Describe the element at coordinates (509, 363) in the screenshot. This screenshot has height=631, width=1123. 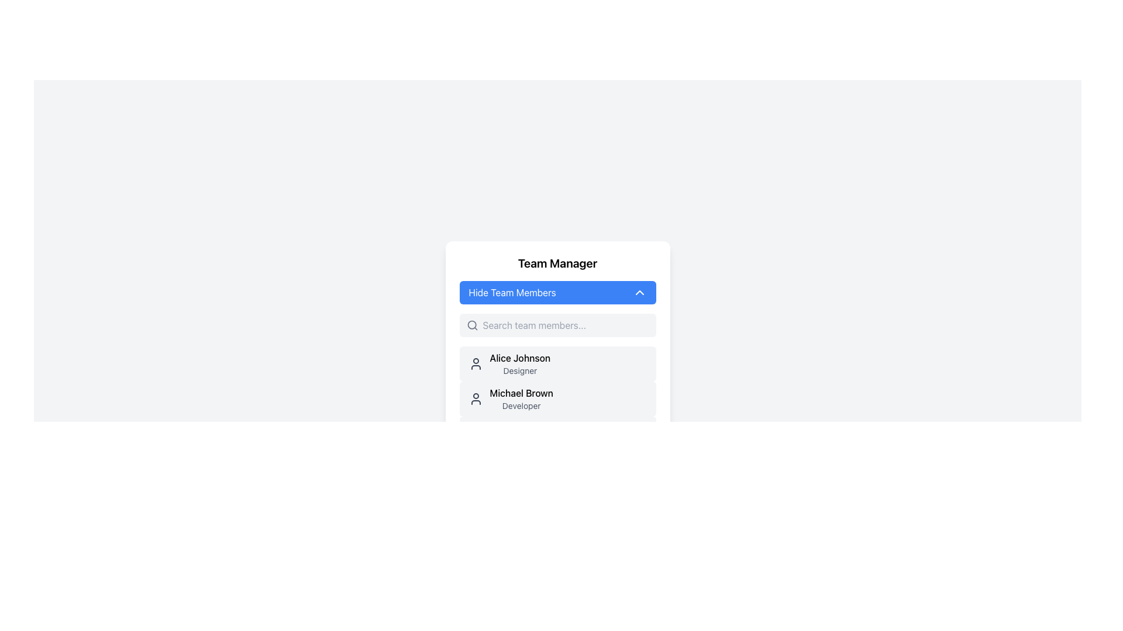
I see `and drop the first team member item representing 'Alice JohnsonDesigner'` at that location.